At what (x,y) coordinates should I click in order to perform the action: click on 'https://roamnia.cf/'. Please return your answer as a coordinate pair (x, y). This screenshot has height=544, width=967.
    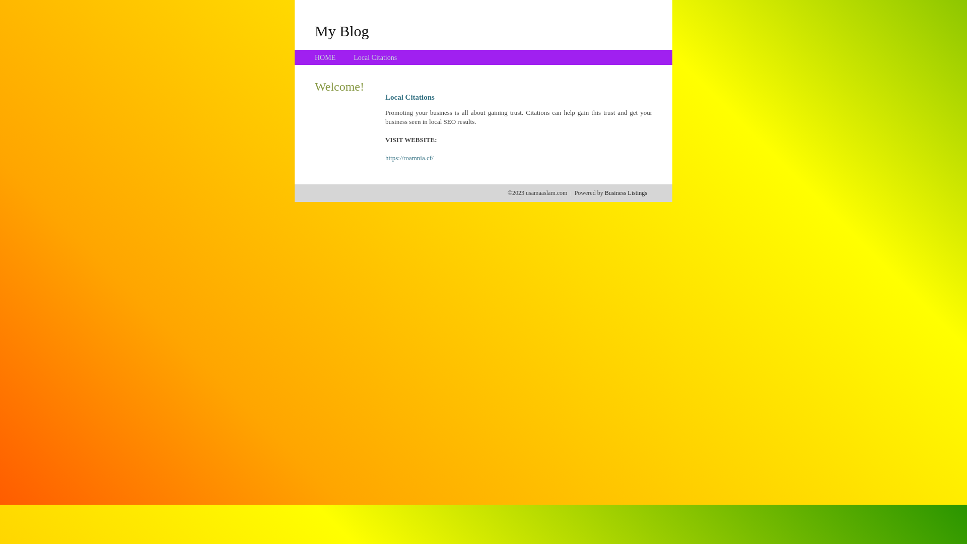
    Looking at the image, I should click on (409, 158).